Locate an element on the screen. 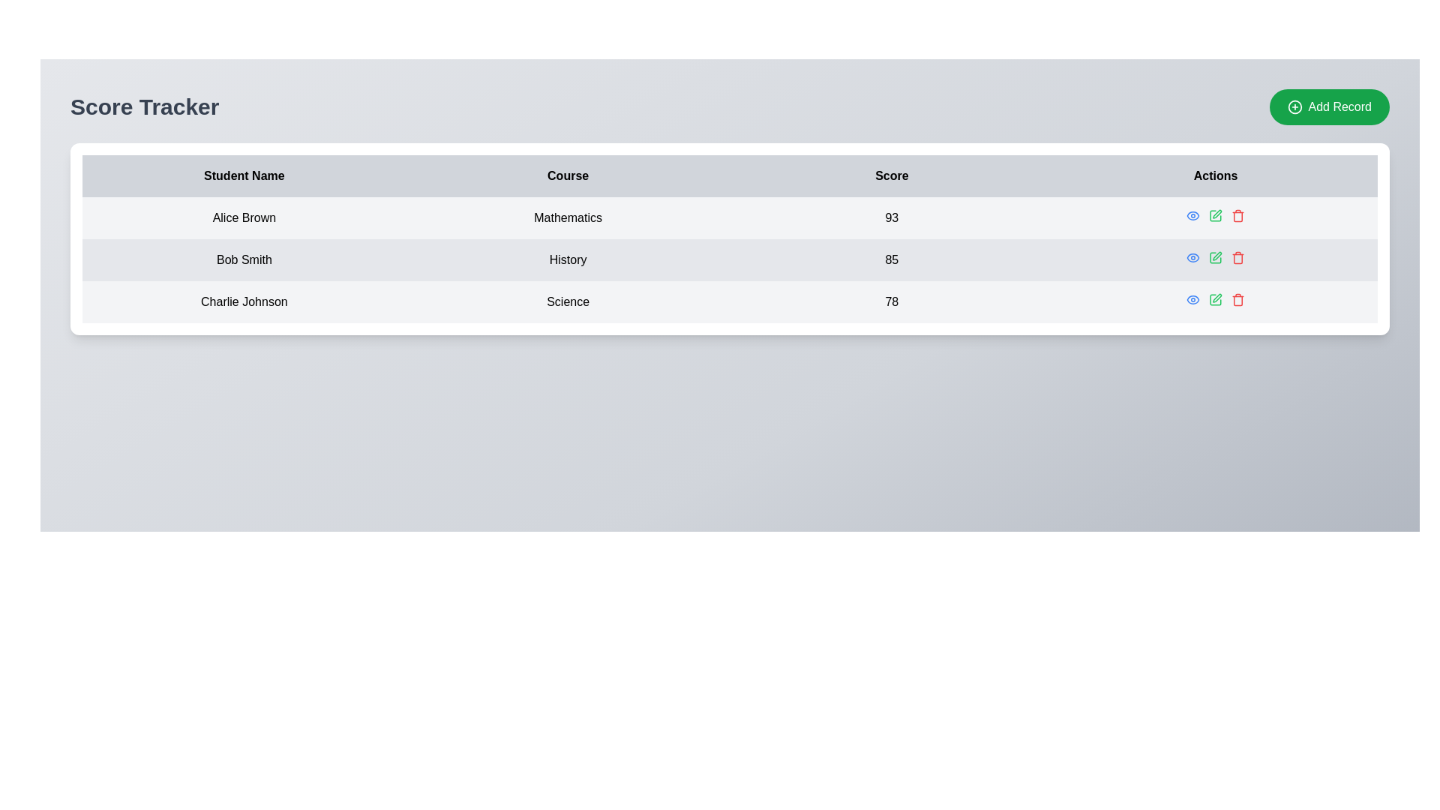 The width and height of the screenshot is (1440, 810). the 'Actions' text label, which is the rightmost header in the data table and is displayed in bold black font on a light gray background is located at coordinates (1216, 175).